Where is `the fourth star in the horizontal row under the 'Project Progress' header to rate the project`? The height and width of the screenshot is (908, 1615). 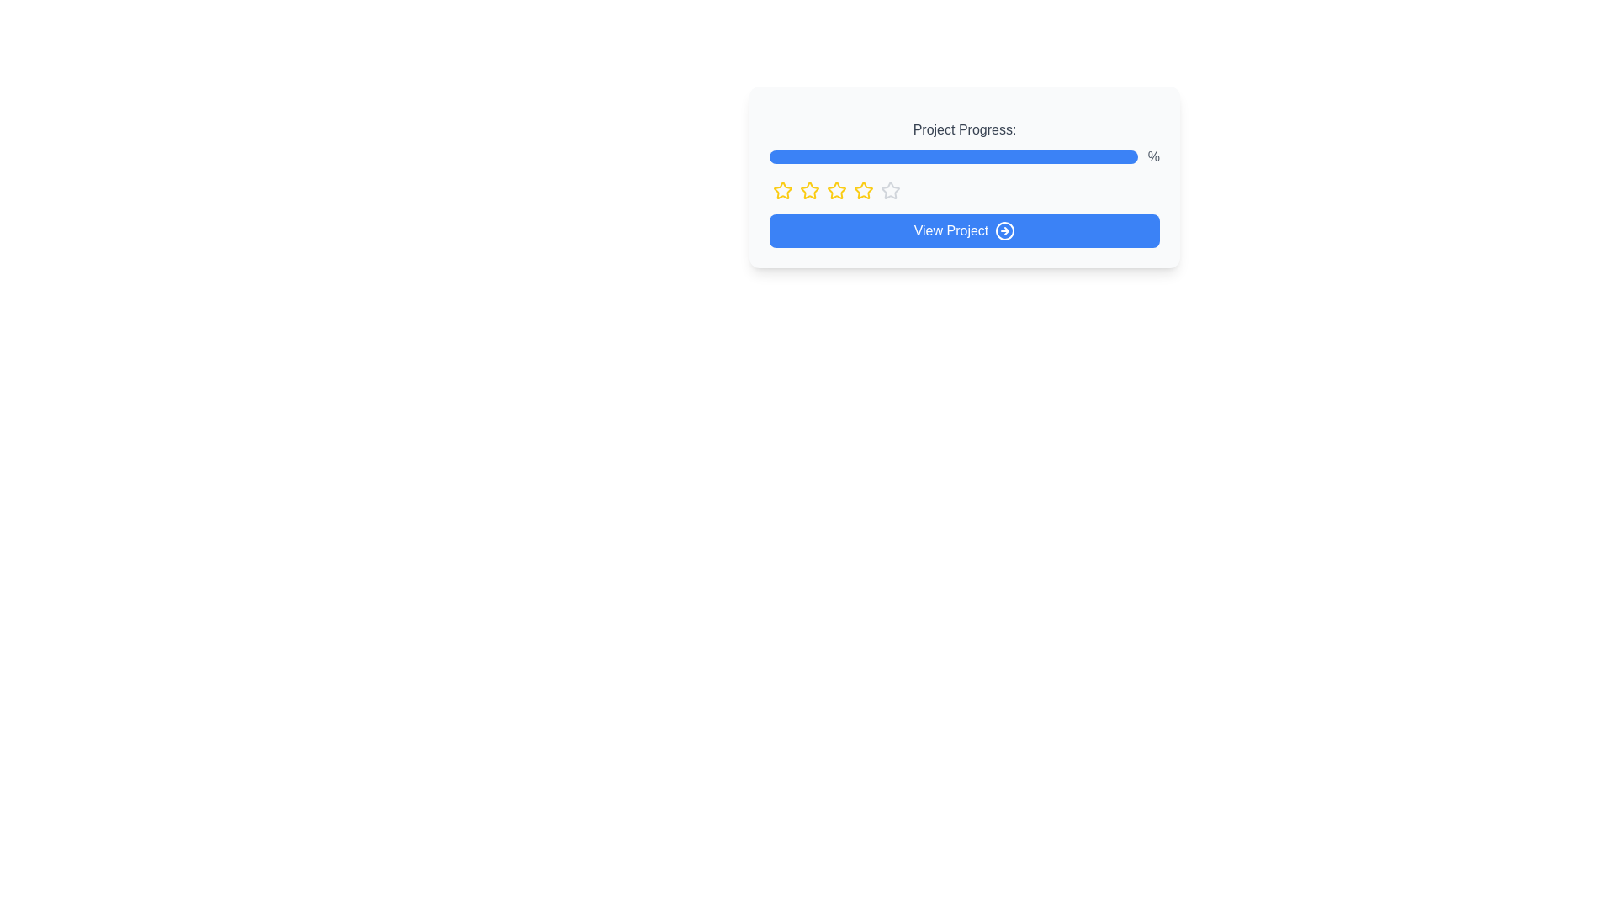 the fourth star in the horizontal row under the 'Project Progress' header to rate the project is located at coordinates (888, 189).